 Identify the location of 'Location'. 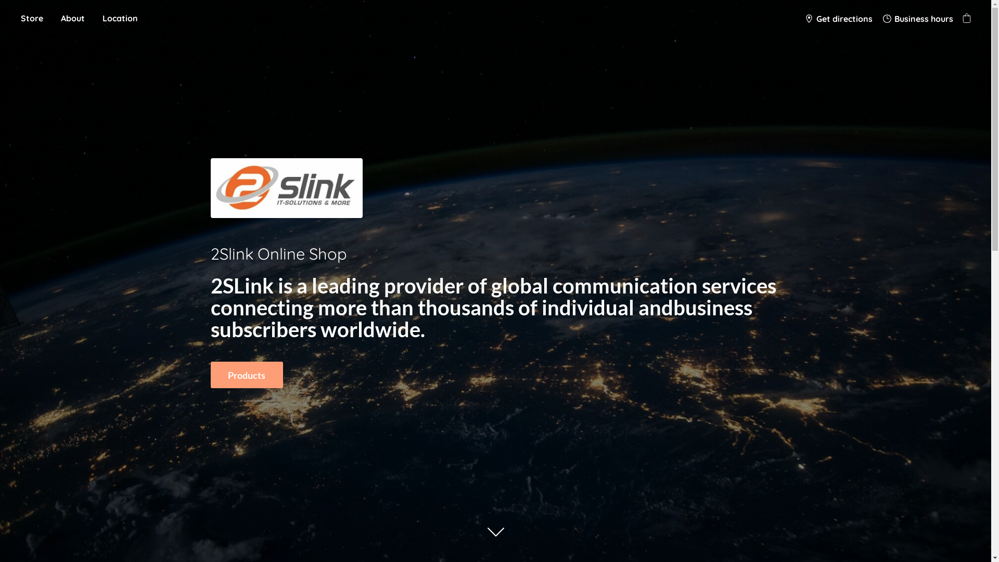
(120, 18).